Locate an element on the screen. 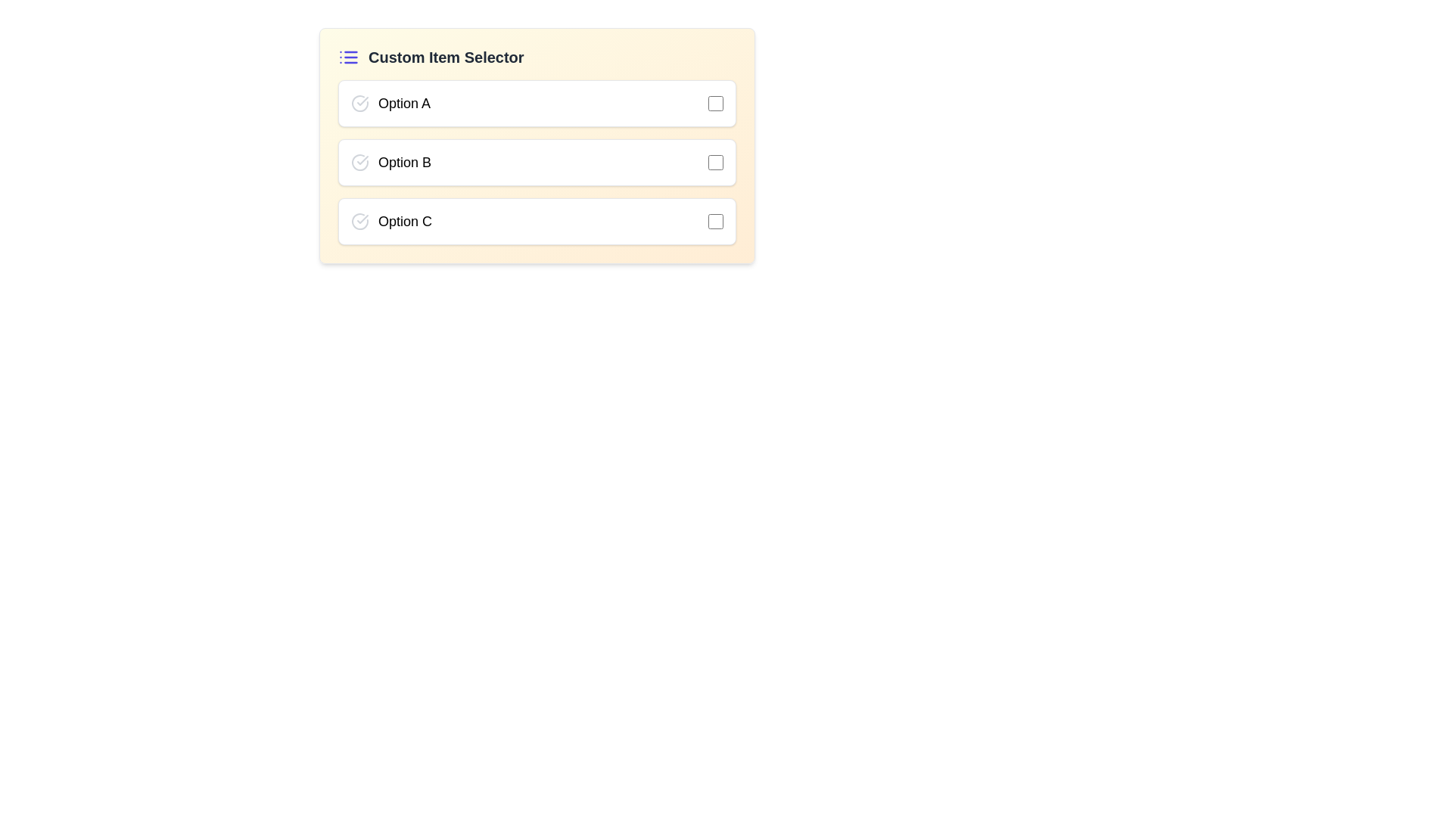 Image resolution: width=1453 pixels, height=817 pixels. the small checkmark icon displayed within the circular outline of 'Option B' in the 'Custom Item Selector' component is located at coordinates (362, 160).